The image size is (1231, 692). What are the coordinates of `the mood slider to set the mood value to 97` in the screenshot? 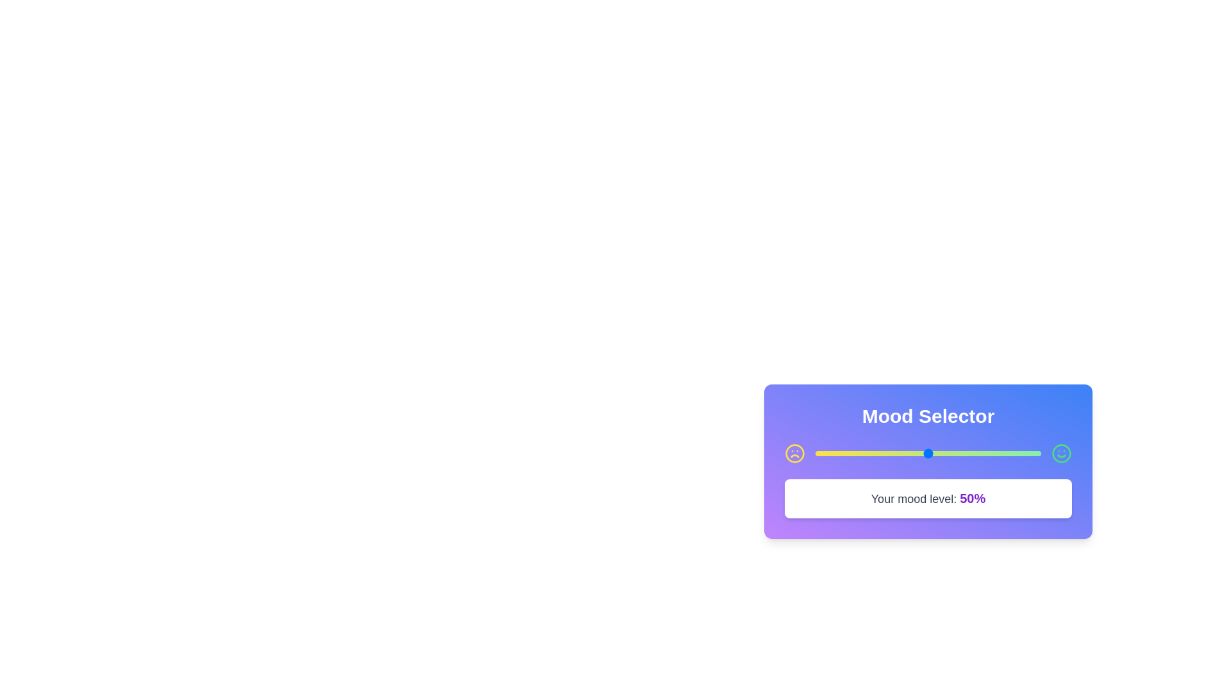 It's located at (1034, 453).